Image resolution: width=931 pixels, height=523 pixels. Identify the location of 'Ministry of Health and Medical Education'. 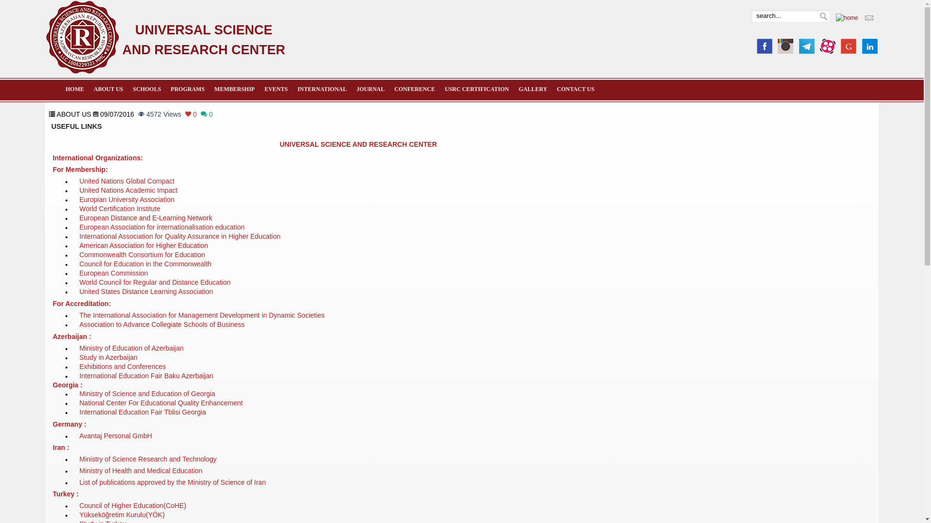
(141, 470).